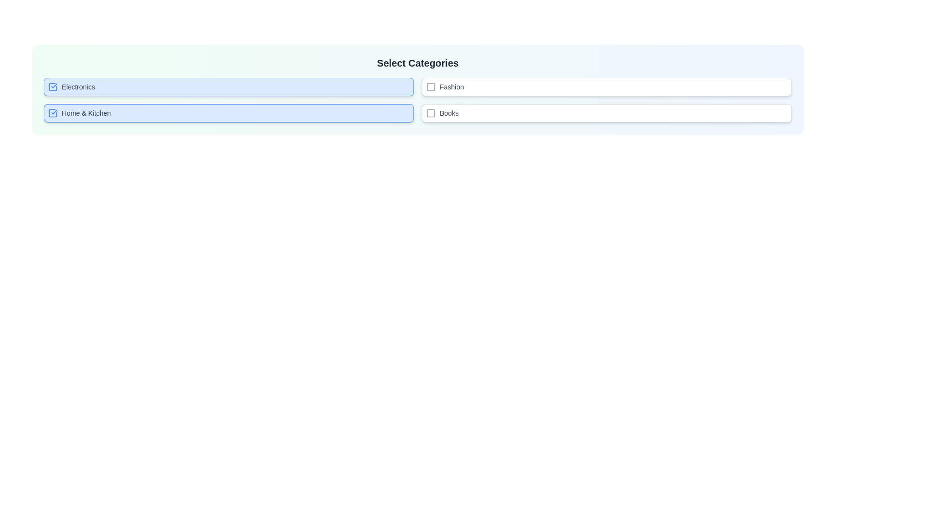 The height and width of the screenshot is (525, 934). What do you see at coordinates (431, 86) in the screenshot?
I see `the checkbox element styled with a gray border and white fill, located to the left of the label 'Fashion'` at bounding box center [431, 86].